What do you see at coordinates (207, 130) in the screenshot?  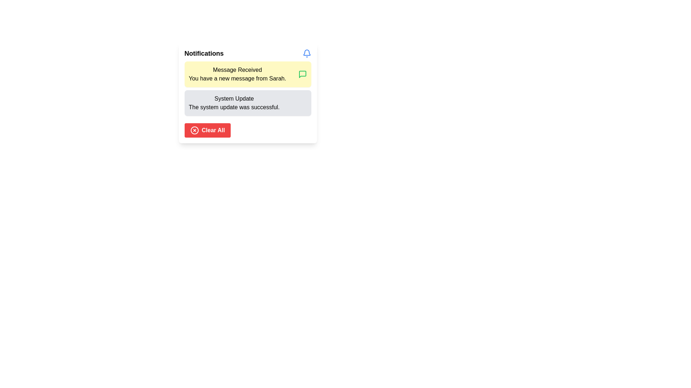 I see `the red button located in the bottom-left corner of the notification card to clear all notifications` at bounding box center [207, 130].